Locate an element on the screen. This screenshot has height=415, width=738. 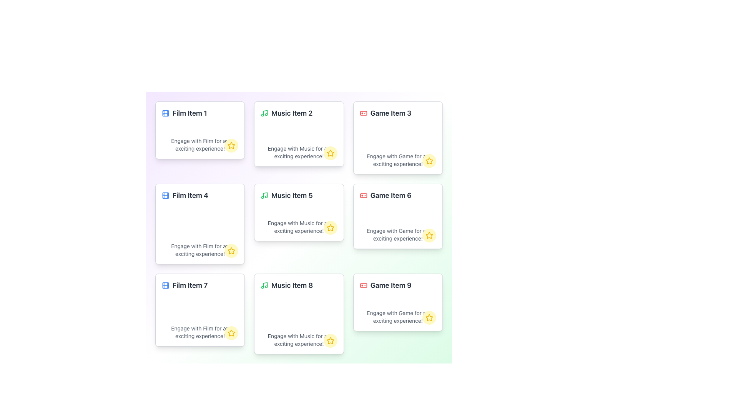
the yellow star-shaped icon located at the bottom-right corner of the 'Music Item 5' card, which serves as a rating or favorite indicator is located at coordinates (330, 227).